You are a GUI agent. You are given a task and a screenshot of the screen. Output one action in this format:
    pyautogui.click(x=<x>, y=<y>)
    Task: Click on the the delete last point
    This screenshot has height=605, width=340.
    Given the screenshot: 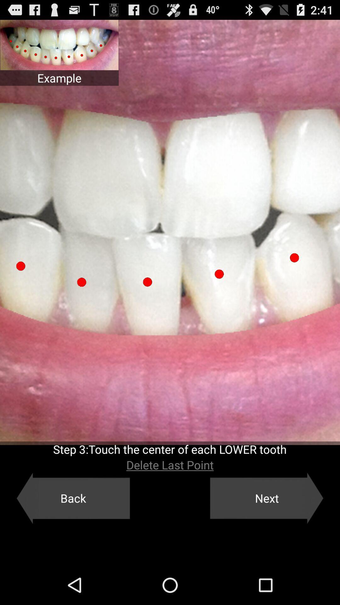 What is the action you would take?
    pyautogui.click(x=170, y=465)
    